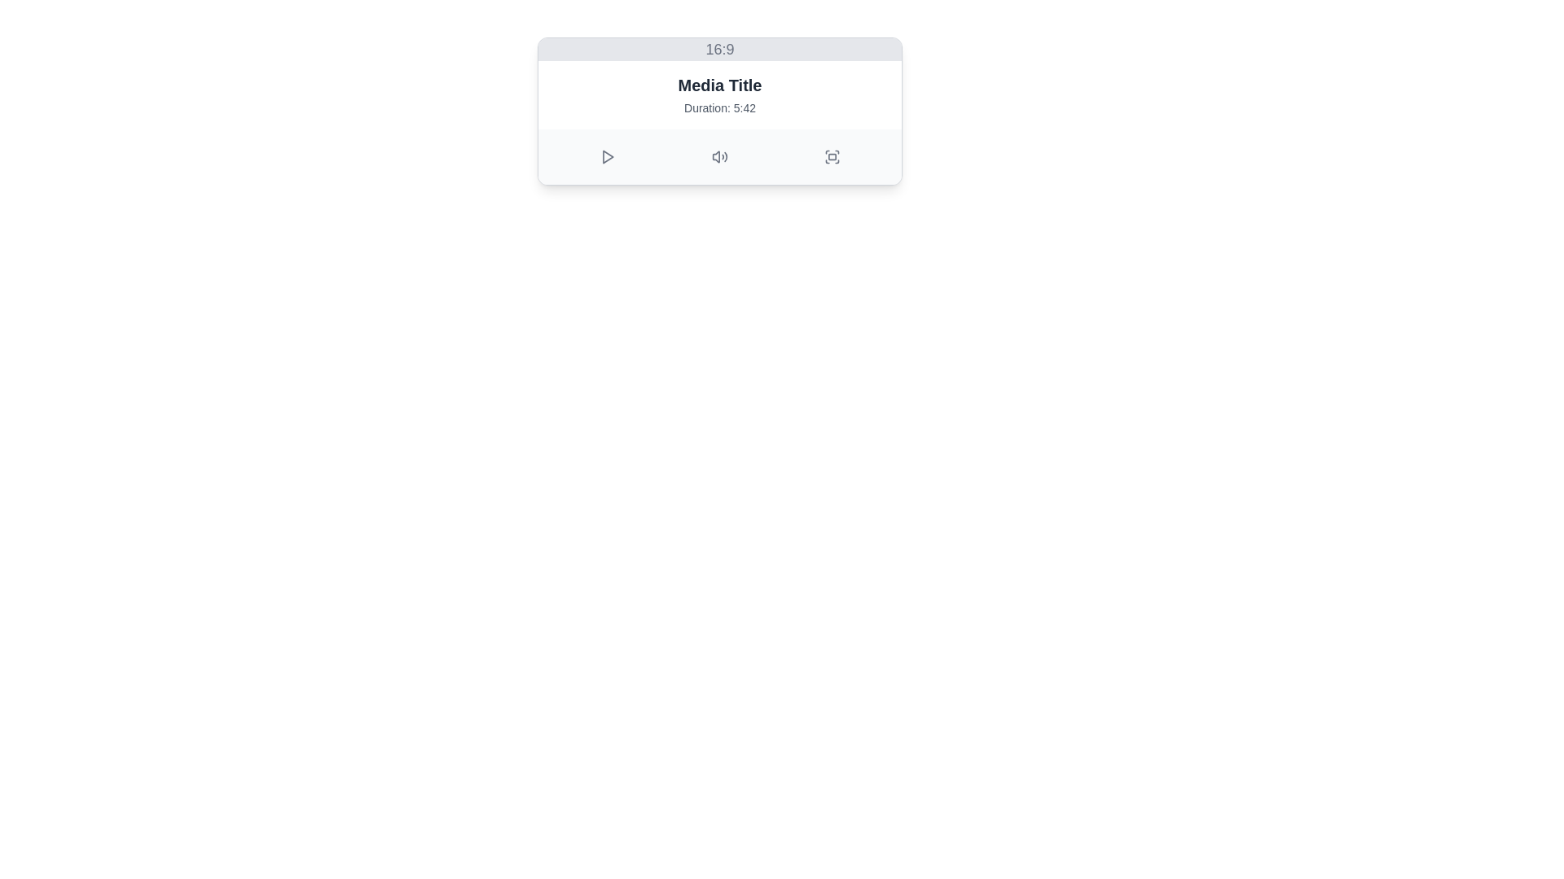 The height and width of the screenshot is (879, 1564). I want to click on the speaker icon, so click(718, 156).